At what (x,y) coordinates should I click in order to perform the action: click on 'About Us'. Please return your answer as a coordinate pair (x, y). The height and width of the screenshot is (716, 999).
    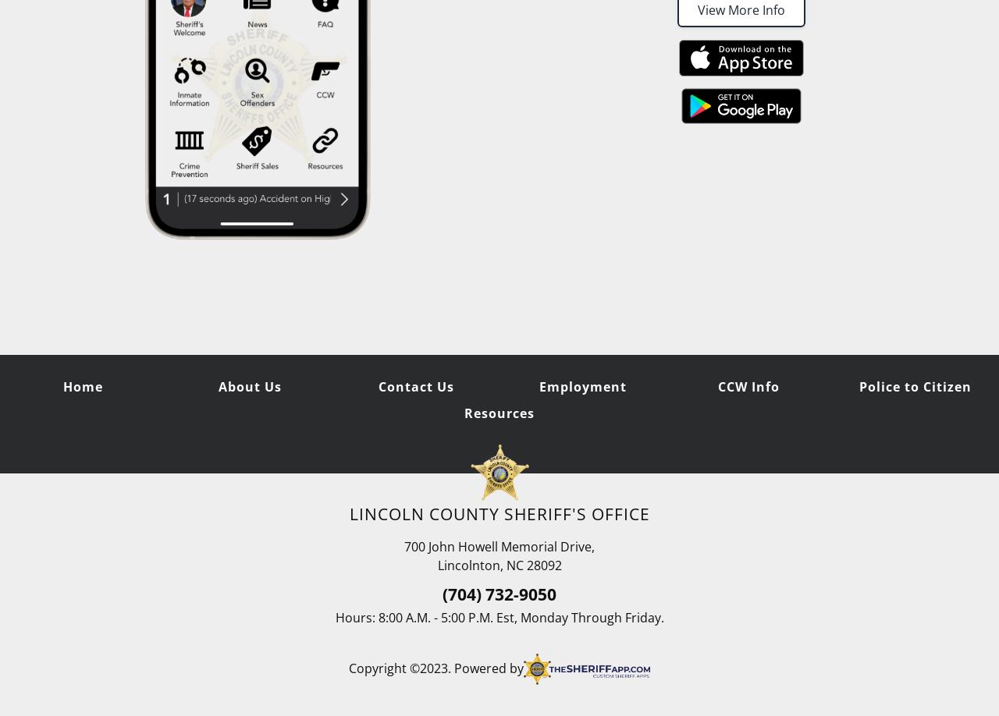
    Looking at the image, I should click on (217, 386).